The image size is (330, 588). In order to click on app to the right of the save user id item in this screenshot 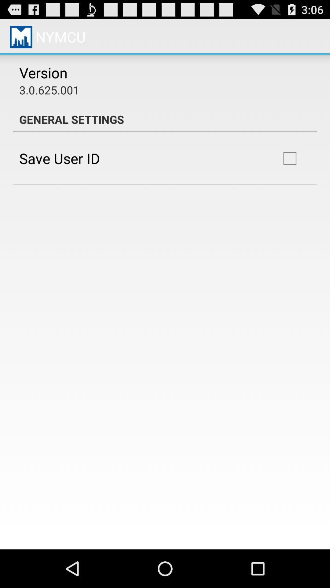, I will do `click(289, 158)`.